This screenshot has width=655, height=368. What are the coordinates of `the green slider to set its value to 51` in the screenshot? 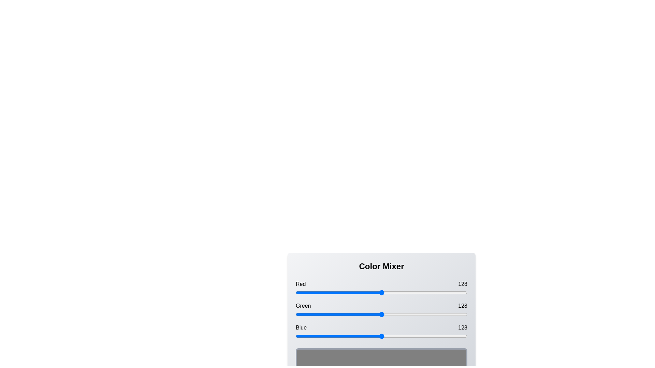 It's located at (330, 314).